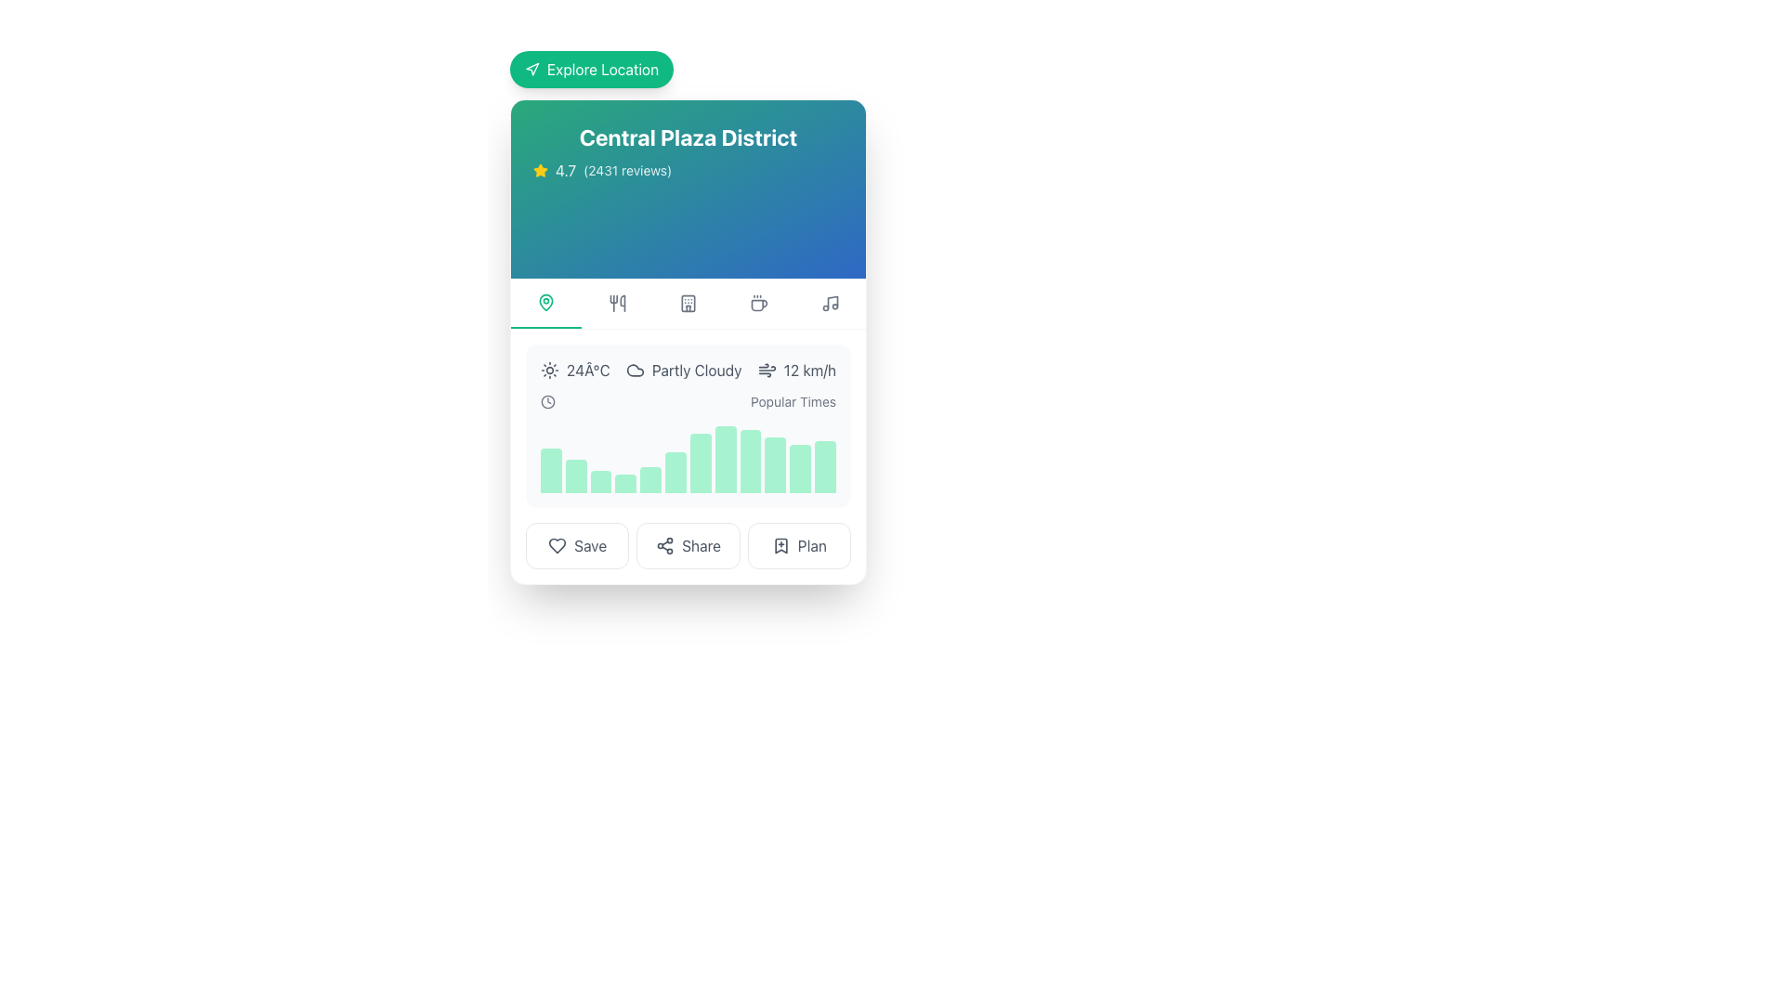 This screenshot has height=1003, width=1784. What do you see at coordinates (545, 303) in the screenshot?
I see `the green location pin icon, which is the first element in the horizontal navigation bar under 'Central Plaza District'` at bounding box center [545, 303].